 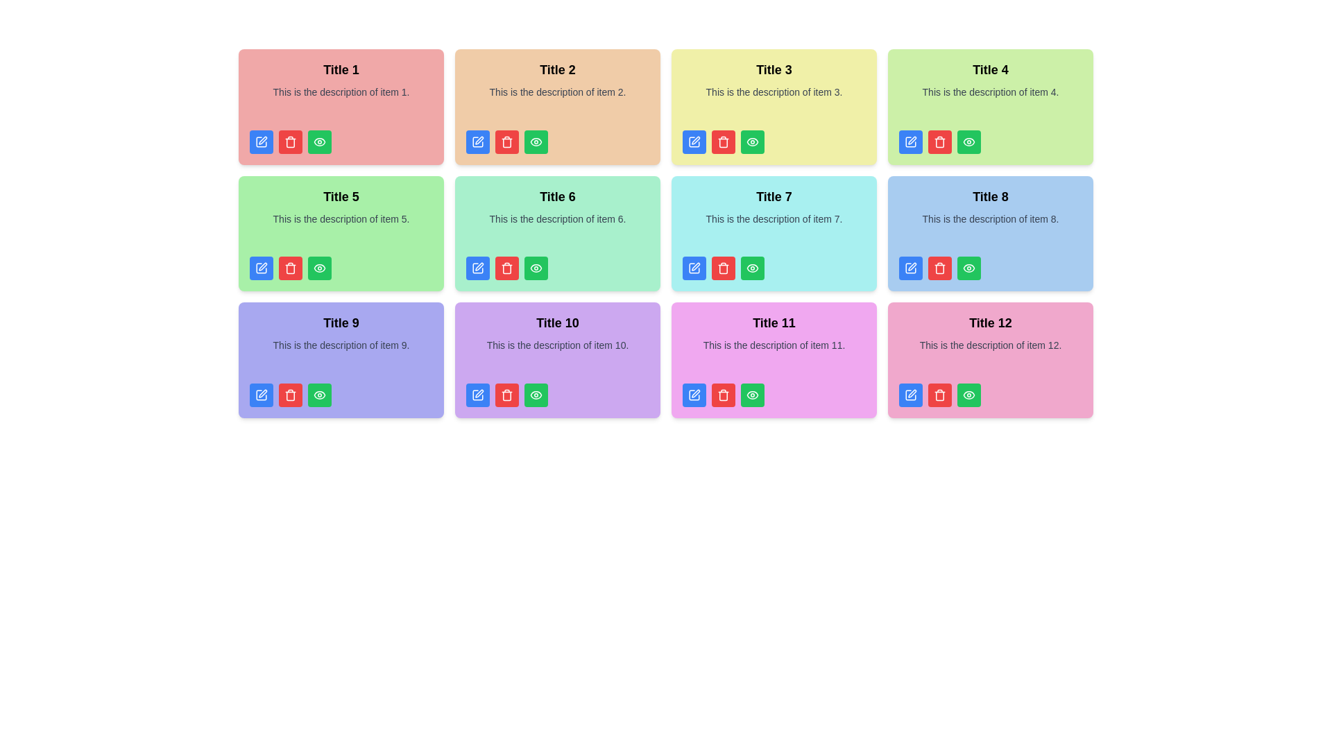 I want to click on the middle part of the trash icon located below the card title 'Title 12' in the bottom-right corner of the layout, so click(x=939, y=395).